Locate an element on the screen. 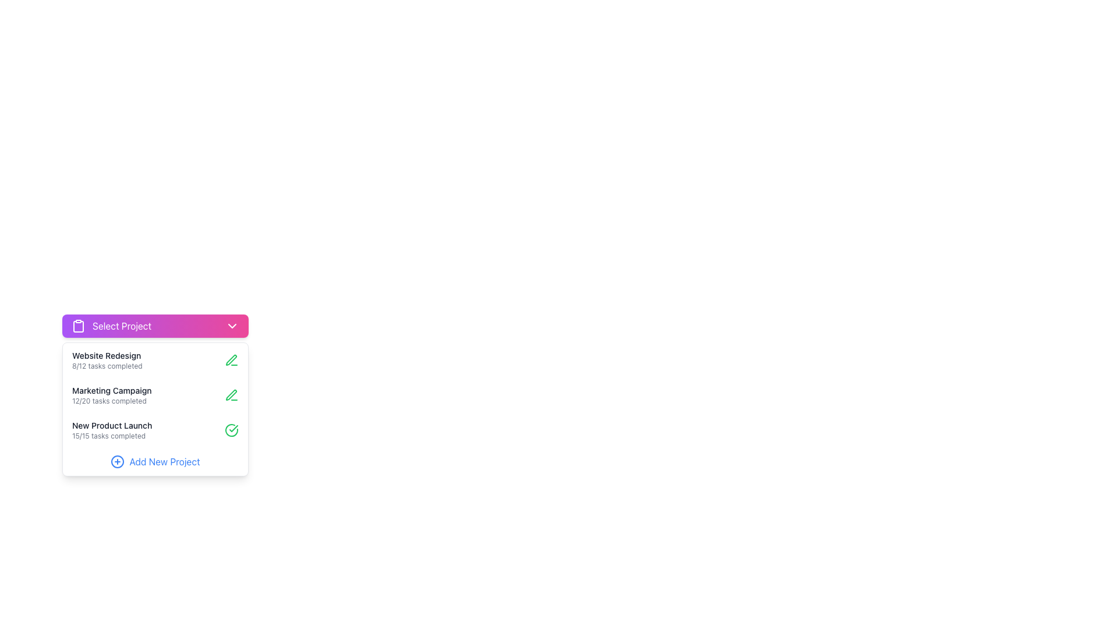 The height and width of the screenshot is (629, 1118). the text label reading 'Marketing Campaign' which is the second entry in the 'Select Project' dropdown interface is located at coordinates (112, 391).